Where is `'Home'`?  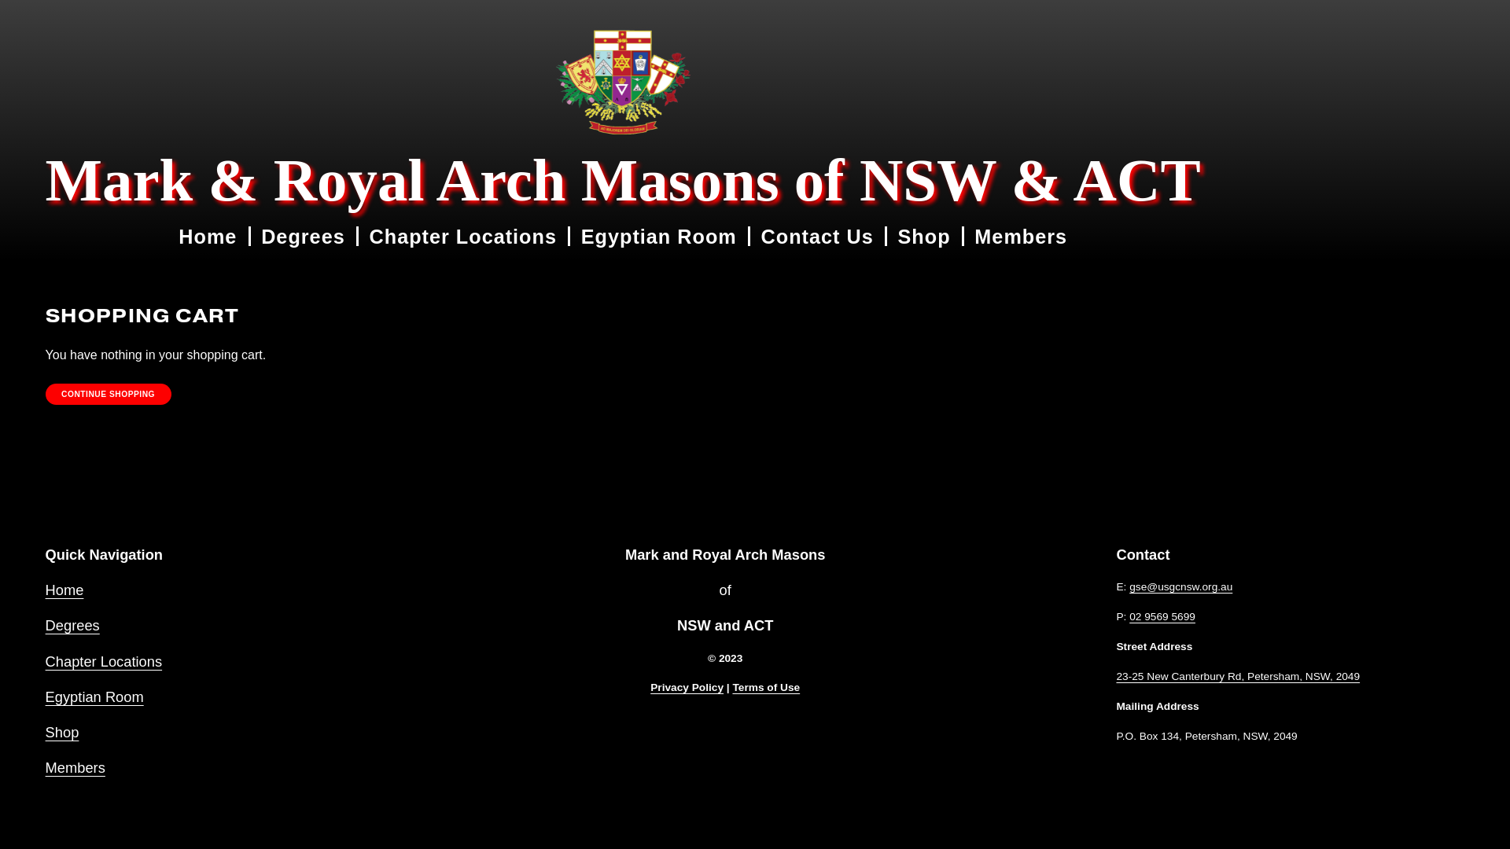 'Home' is located at coordinates (207, 236).